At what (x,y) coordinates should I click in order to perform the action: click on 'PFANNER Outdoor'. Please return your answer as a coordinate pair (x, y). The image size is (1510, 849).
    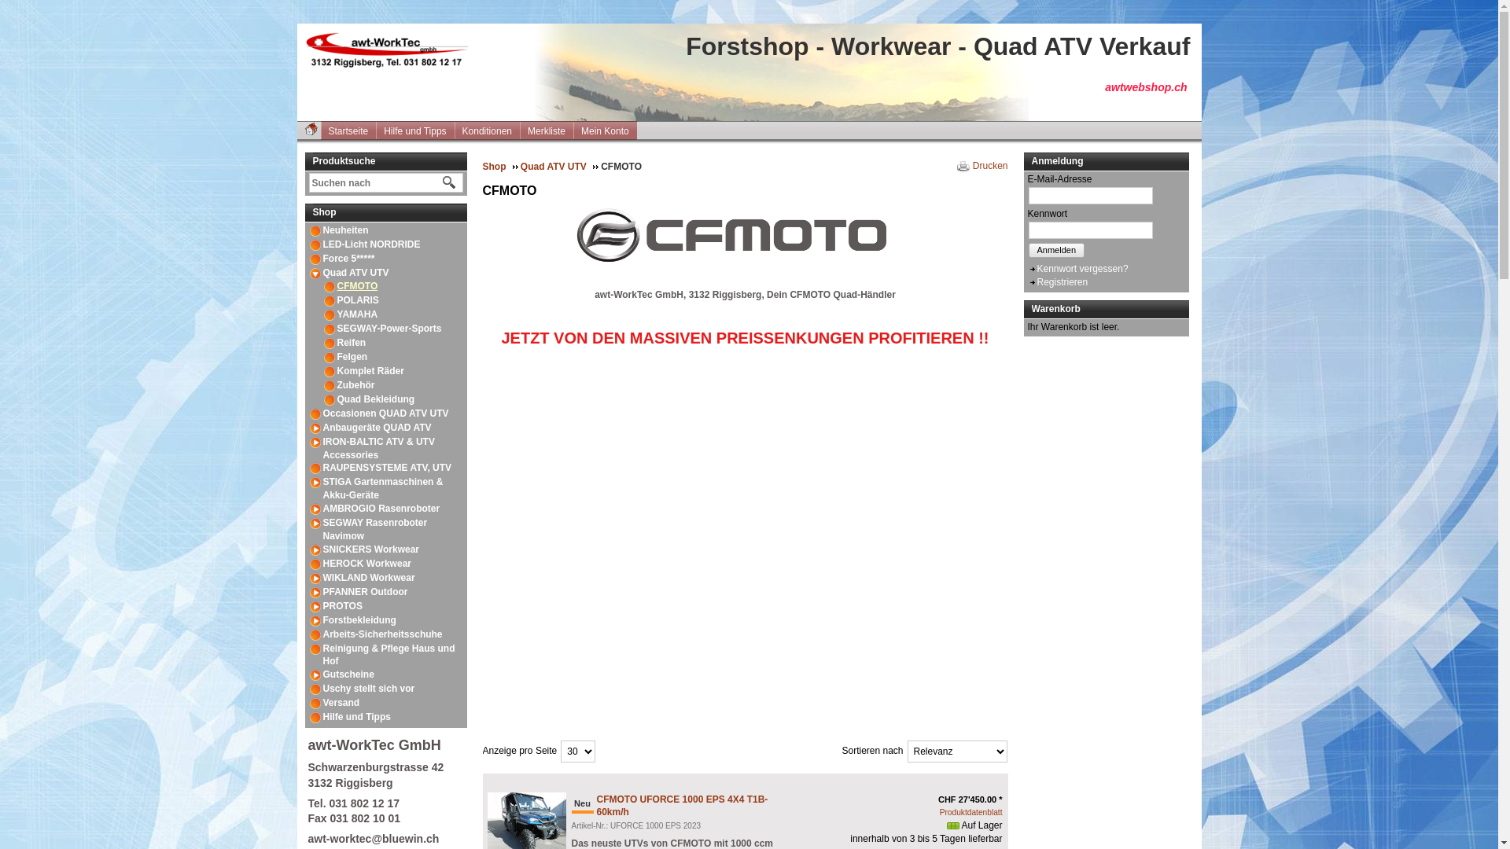
    Looking at the image, I should click on (365, 591).